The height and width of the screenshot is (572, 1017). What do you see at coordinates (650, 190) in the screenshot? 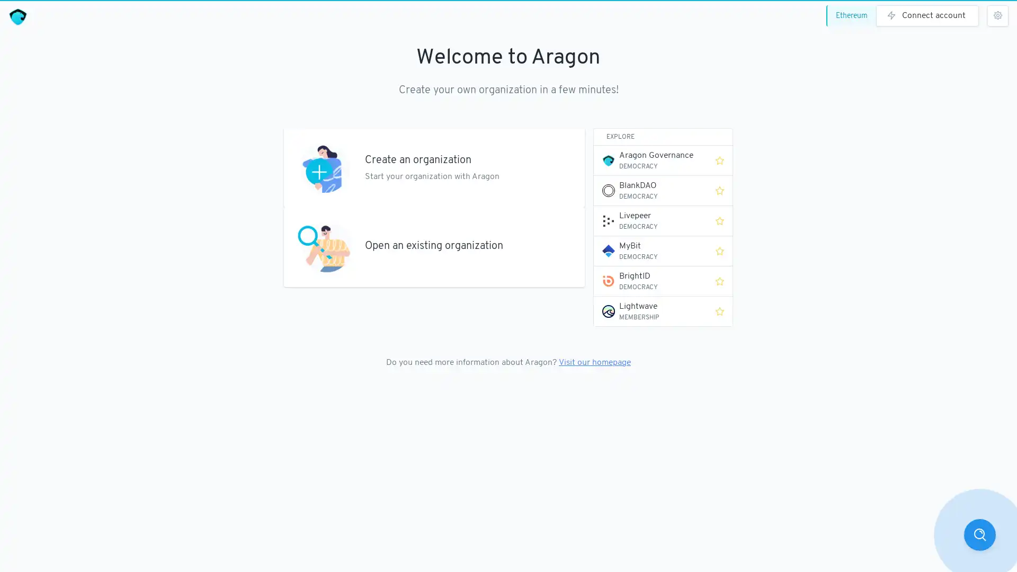
I see `BlankDAO DEMOCRACY` at bounding box center [650, 190].